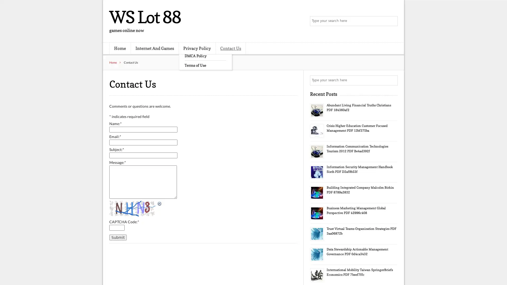 This screenshot has width=507, height=285. What do you see at coordinates (392, 21) in the screenshot?
I see `Search` at bounding box center [392, 21].